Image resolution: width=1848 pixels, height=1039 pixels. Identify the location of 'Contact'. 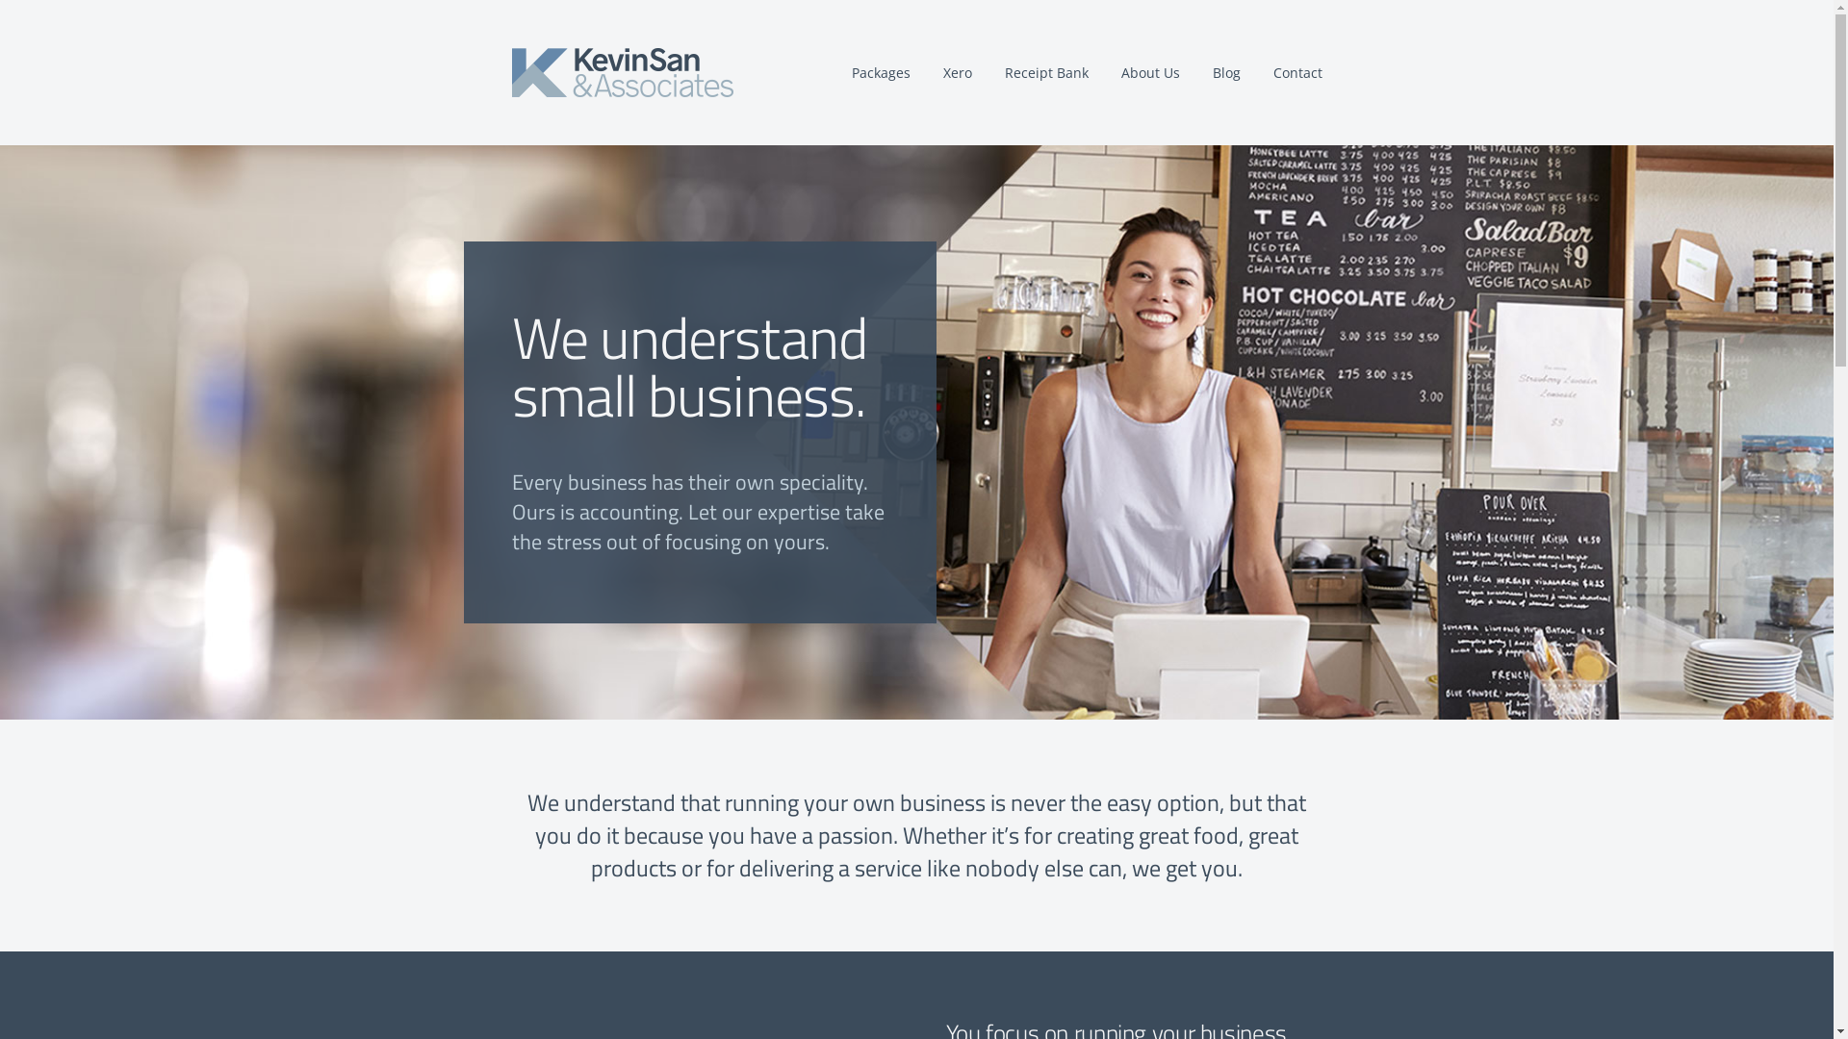
(1296, 71).